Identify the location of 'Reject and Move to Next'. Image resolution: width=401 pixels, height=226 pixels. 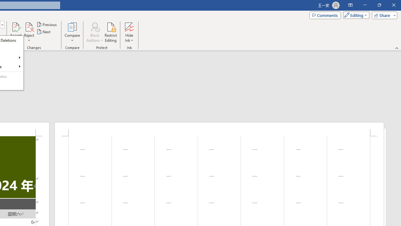
(29, 26).